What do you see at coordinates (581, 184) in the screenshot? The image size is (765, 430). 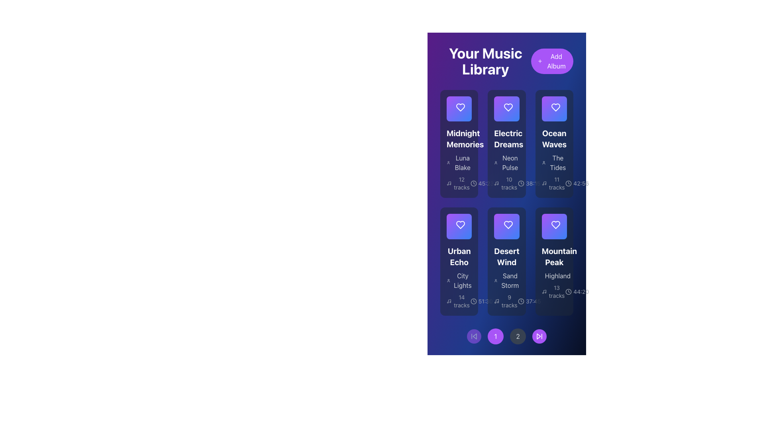 I see `the text label displaying the time duration '42:56' located at the bottom-right section of the 'Ocean Waves' album card, next to the clock icon` at bounding box center [581, 184].